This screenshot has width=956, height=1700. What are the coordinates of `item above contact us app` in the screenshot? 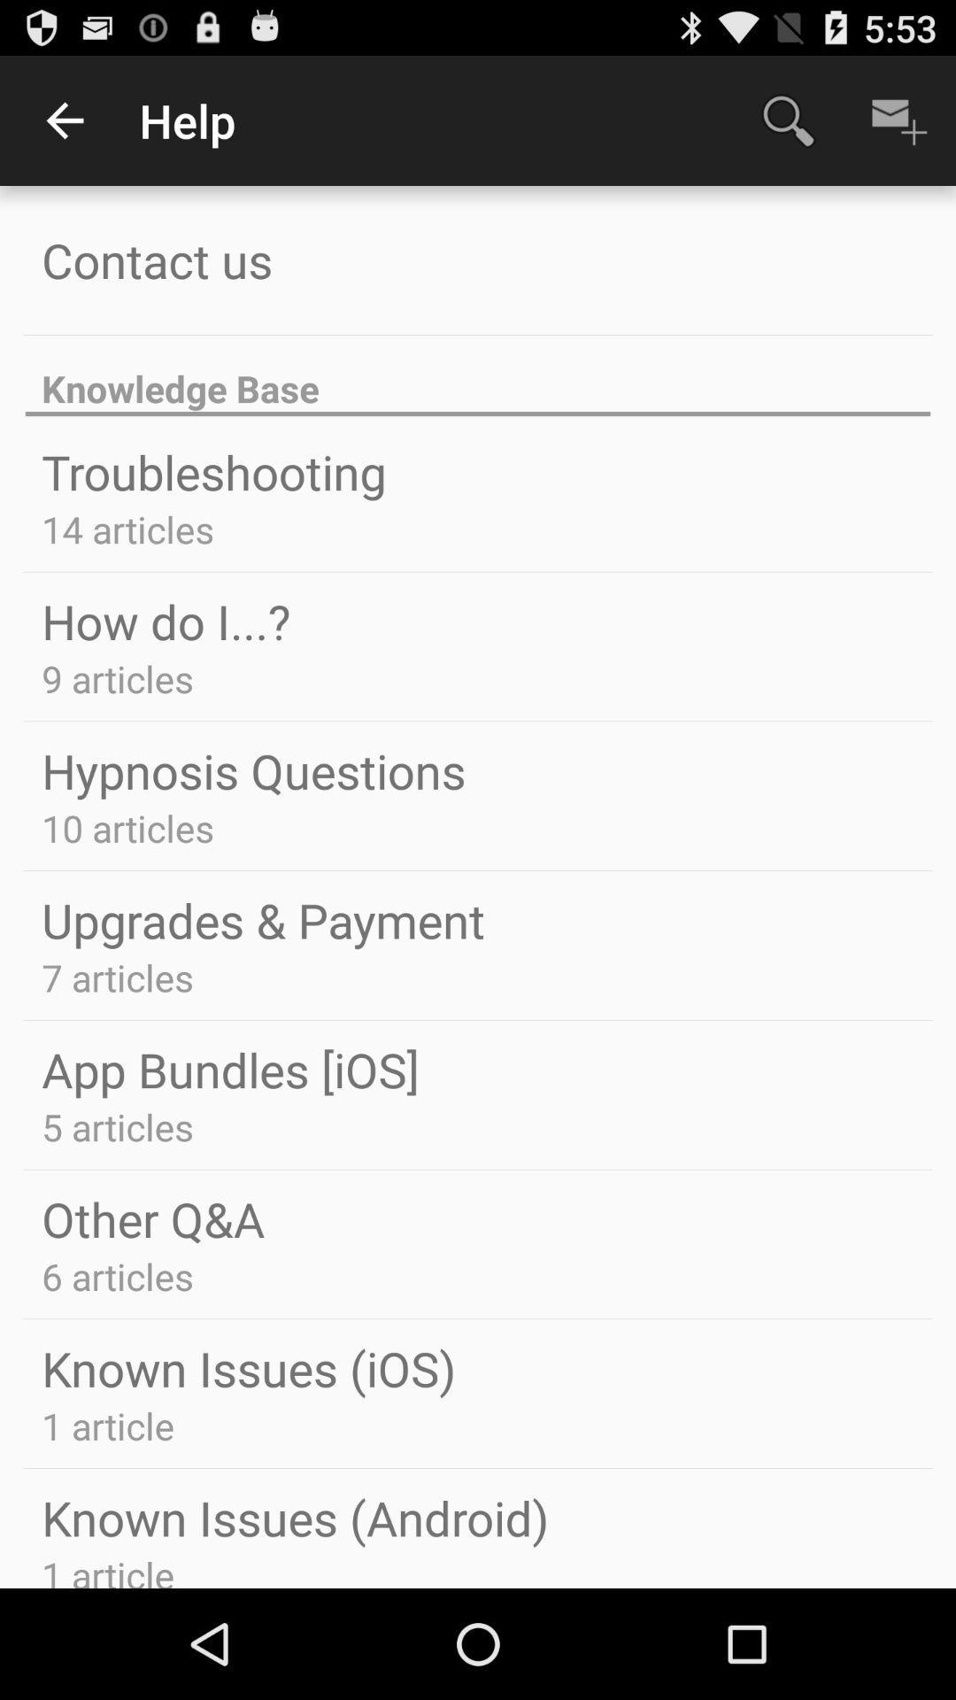 It's located at (64, 120).